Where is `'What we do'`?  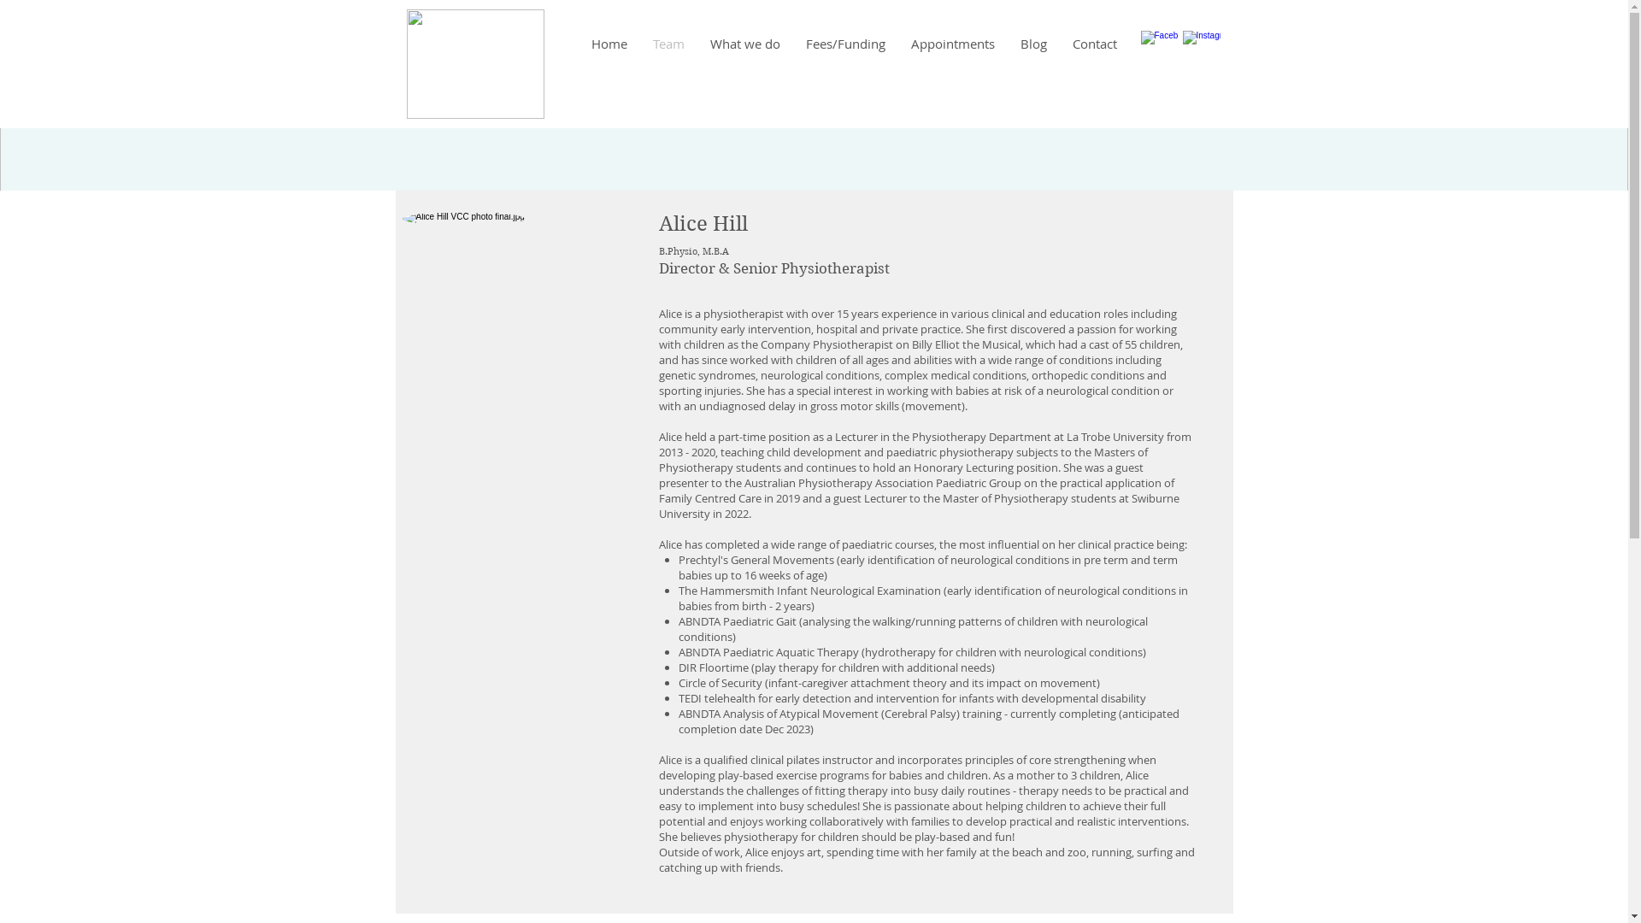
'What we do' is located at coordinates (745, 42).